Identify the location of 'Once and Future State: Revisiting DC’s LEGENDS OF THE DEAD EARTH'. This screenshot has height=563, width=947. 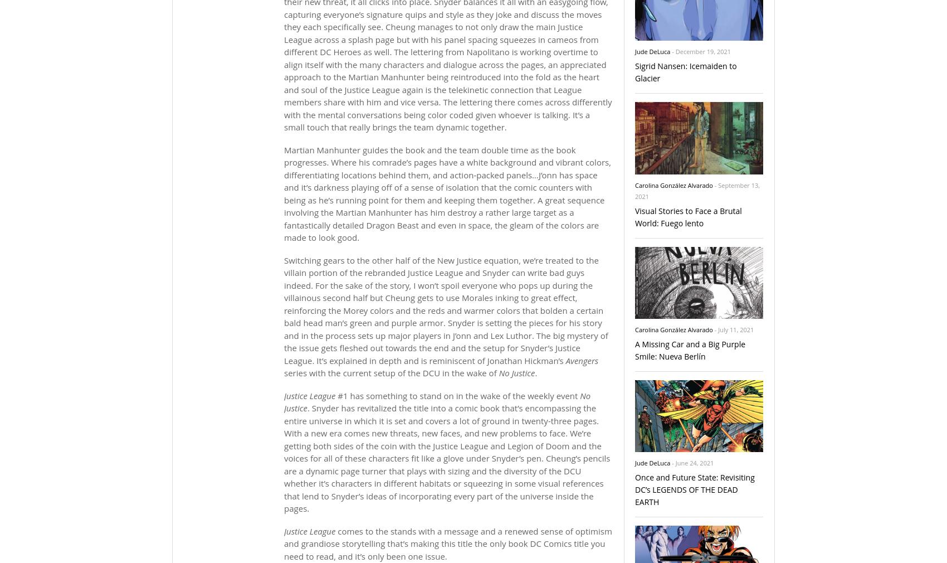
(635, 489).